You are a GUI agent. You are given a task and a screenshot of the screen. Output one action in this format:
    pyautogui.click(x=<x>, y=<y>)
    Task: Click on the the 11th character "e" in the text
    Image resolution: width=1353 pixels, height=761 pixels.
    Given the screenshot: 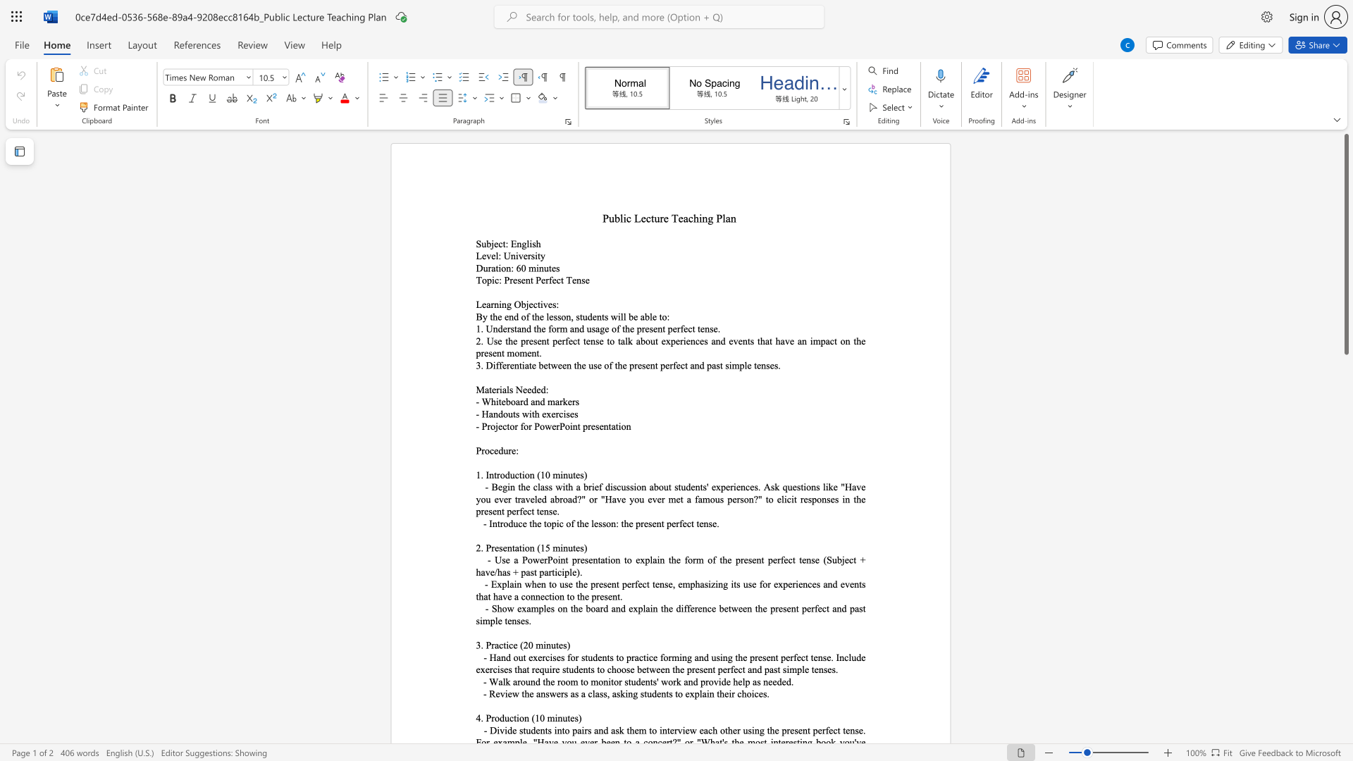 What is the action you would take?
    pyautogui.click(x=647, y=364)
    